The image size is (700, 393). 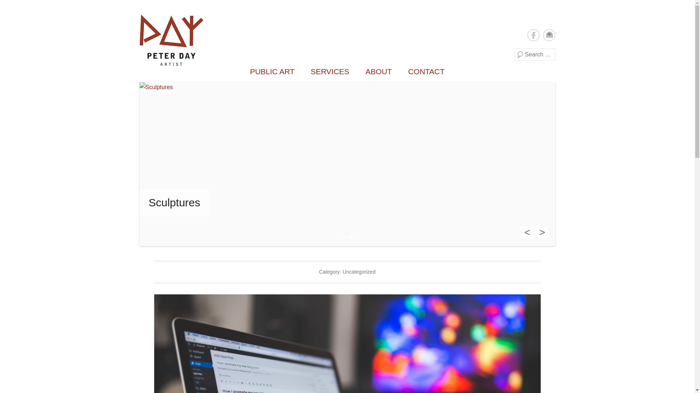 I want to click on '>', so click(x=542, y=232).